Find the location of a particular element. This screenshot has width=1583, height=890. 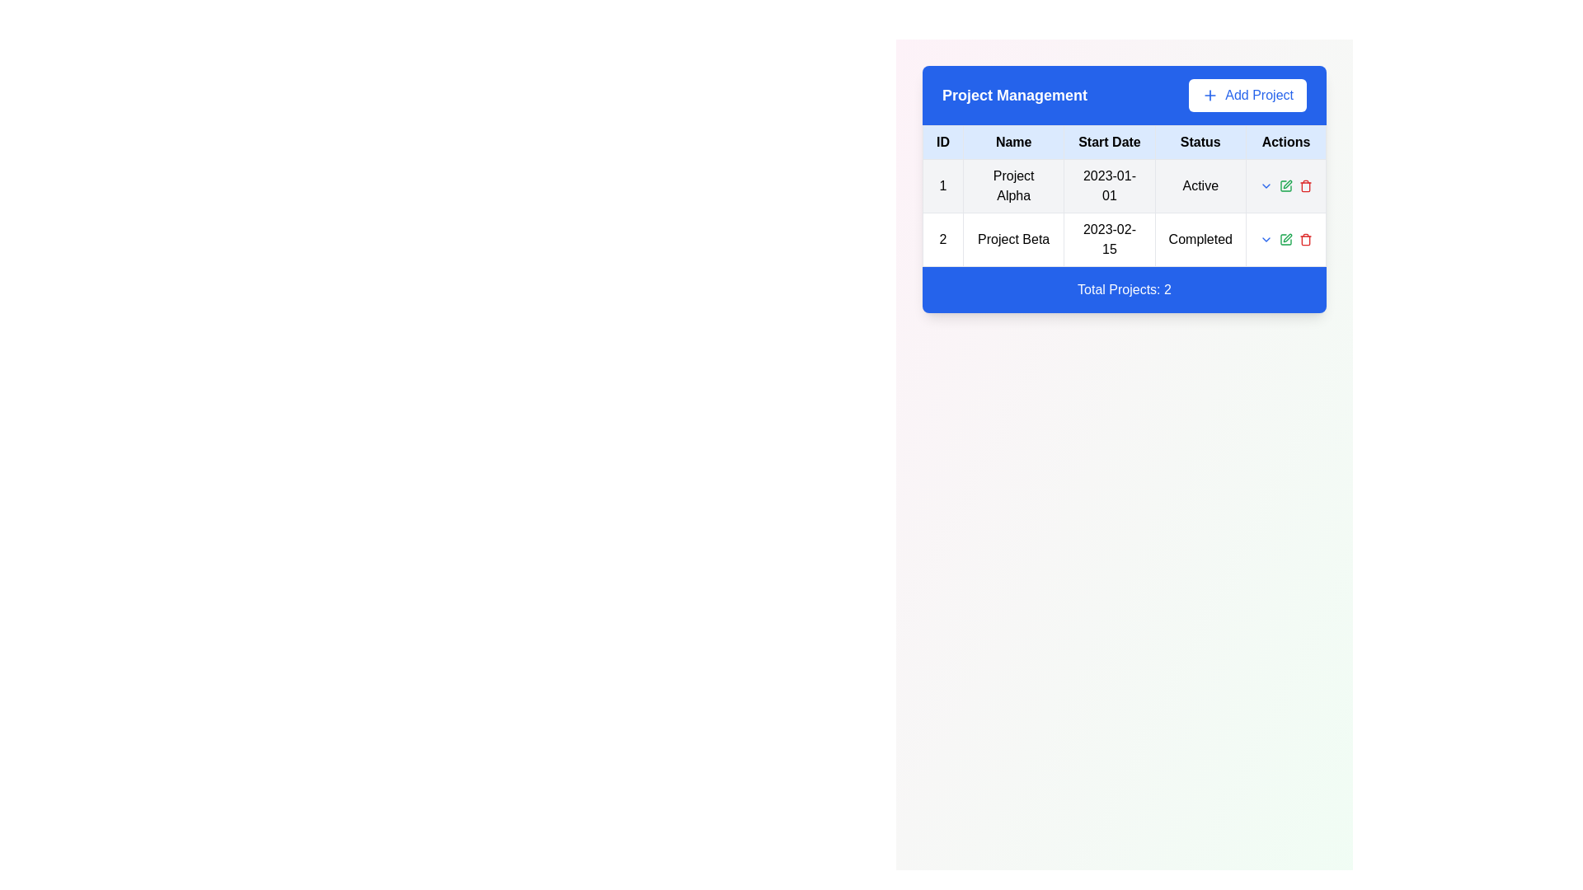

text of the table column header containing 'Start Date', which is styled with a light blue background and black font, located as the third column header in the table is located at coordinates (1109, 142).